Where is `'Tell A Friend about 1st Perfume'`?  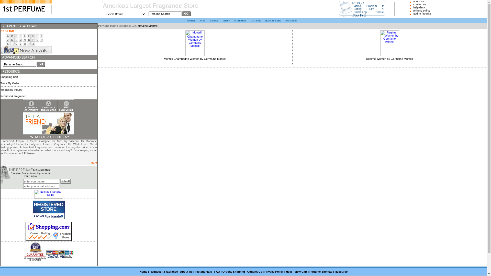 'Tell A Friend about 1st Perfume' is located at coordinates (49, 123).